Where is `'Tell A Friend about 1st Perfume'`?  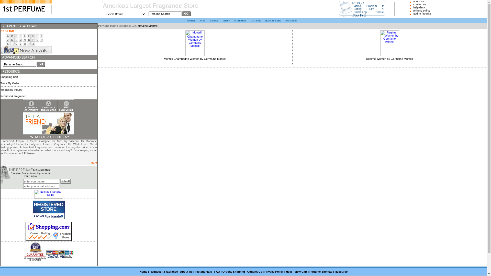 'Tell A Friend about 1st Perfume' is located at coordinates (49, 123).